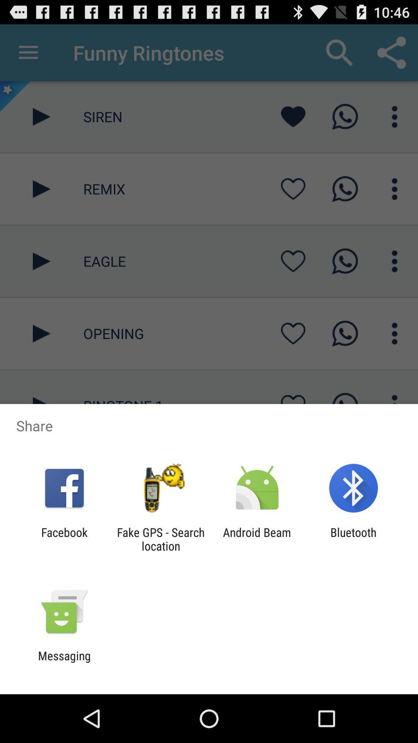  What do you see at coordinates (257, 539) in the screenshot?
I see `the item to the right of fake gps search` at bounding box center [257, 539].